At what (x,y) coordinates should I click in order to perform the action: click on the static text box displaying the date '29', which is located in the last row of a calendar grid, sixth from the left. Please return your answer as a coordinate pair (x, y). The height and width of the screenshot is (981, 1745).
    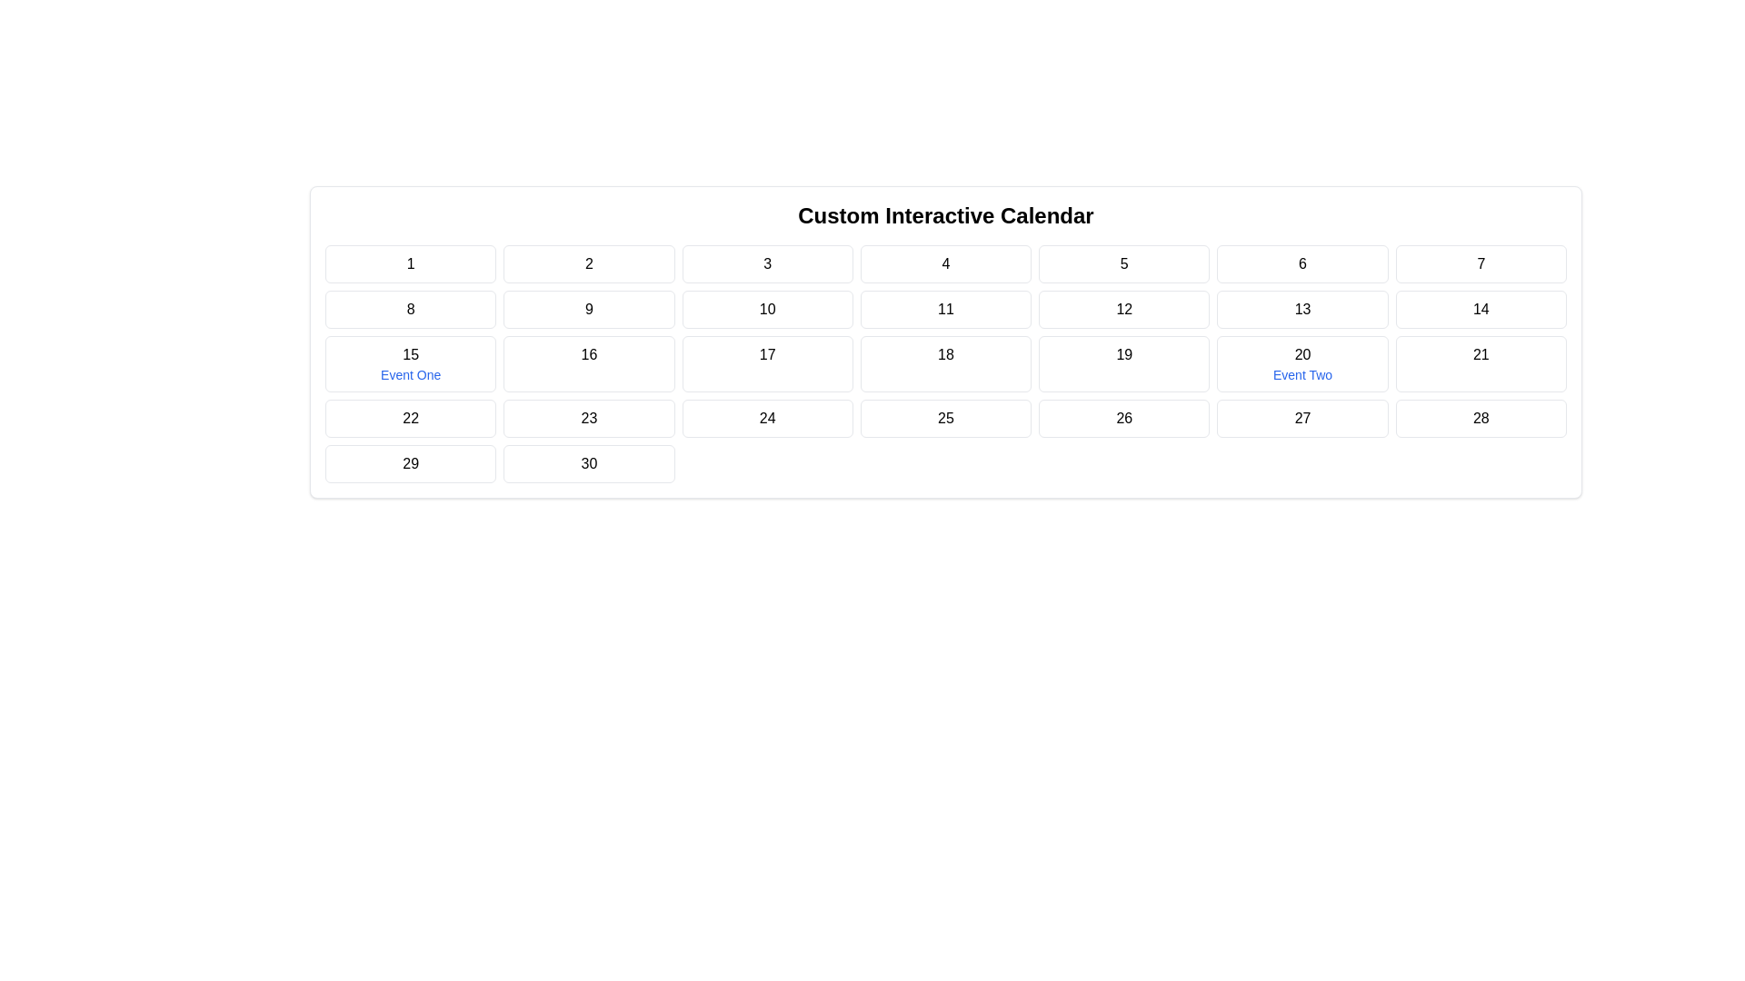
    Looking at the image, I should click on (410, 462).